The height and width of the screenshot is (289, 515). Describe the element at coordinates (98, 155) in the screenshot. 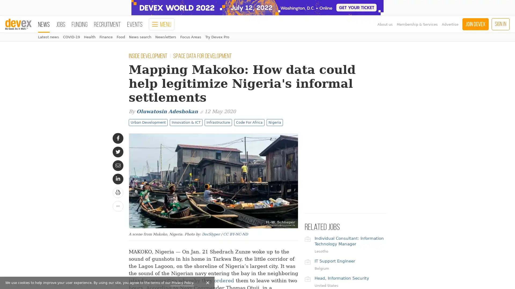

I see `Close` at that location.